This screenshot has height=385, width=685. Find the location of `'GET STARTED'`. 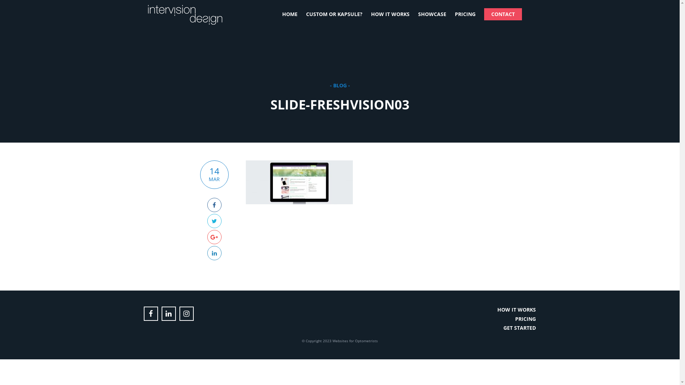

'GET STARTED' is located at coordinates (519, 328).